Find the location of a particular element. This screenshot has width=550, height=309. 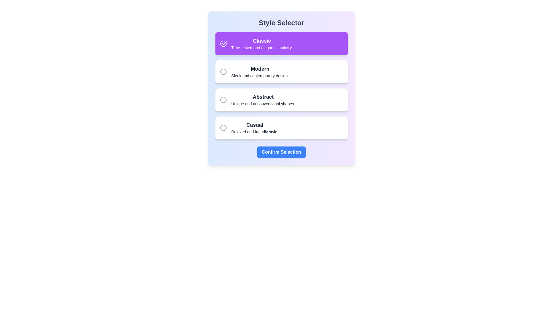

the modal titled 'Style Selector' with a gradient background and rounded corners, located at the center of the viewport is located at coordinates (281, 88).